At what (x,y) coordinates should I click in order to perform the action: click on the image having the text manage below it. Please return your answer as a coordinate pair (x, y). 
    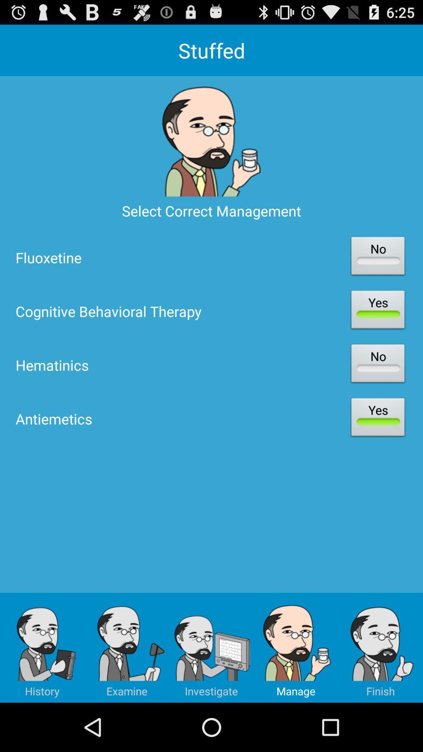
    Looking at the image, I should click on (296, 648).